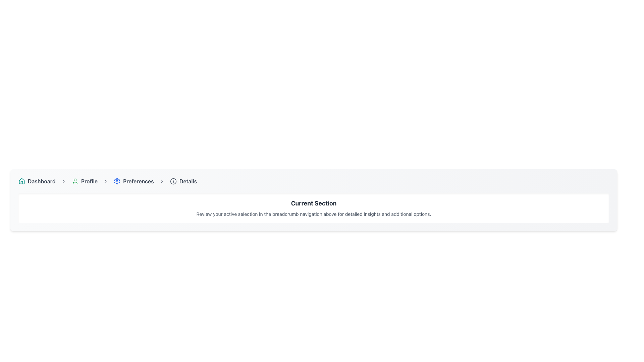 This screenshot has height=362, width=644. What do you see at coordinates (173, 181) in the screenshot?
I see `the circular icon with a hollow outline and central line segment, part of the 'Details' section in the breadcrumb navigation bar` at bounding box center [173, 181].